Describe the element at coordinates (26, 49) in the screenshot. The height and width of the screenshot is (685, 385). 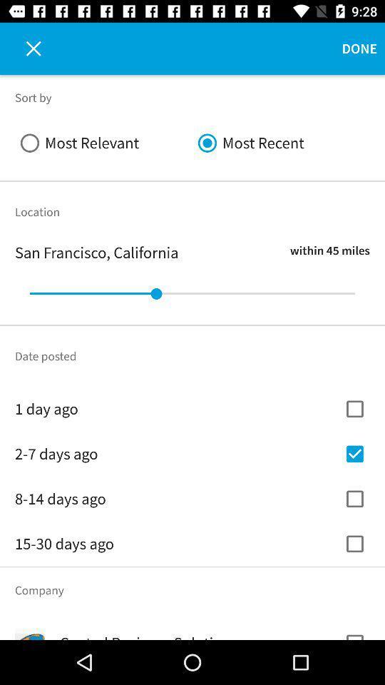
I see `the icon to the left of filter icon` at that location.